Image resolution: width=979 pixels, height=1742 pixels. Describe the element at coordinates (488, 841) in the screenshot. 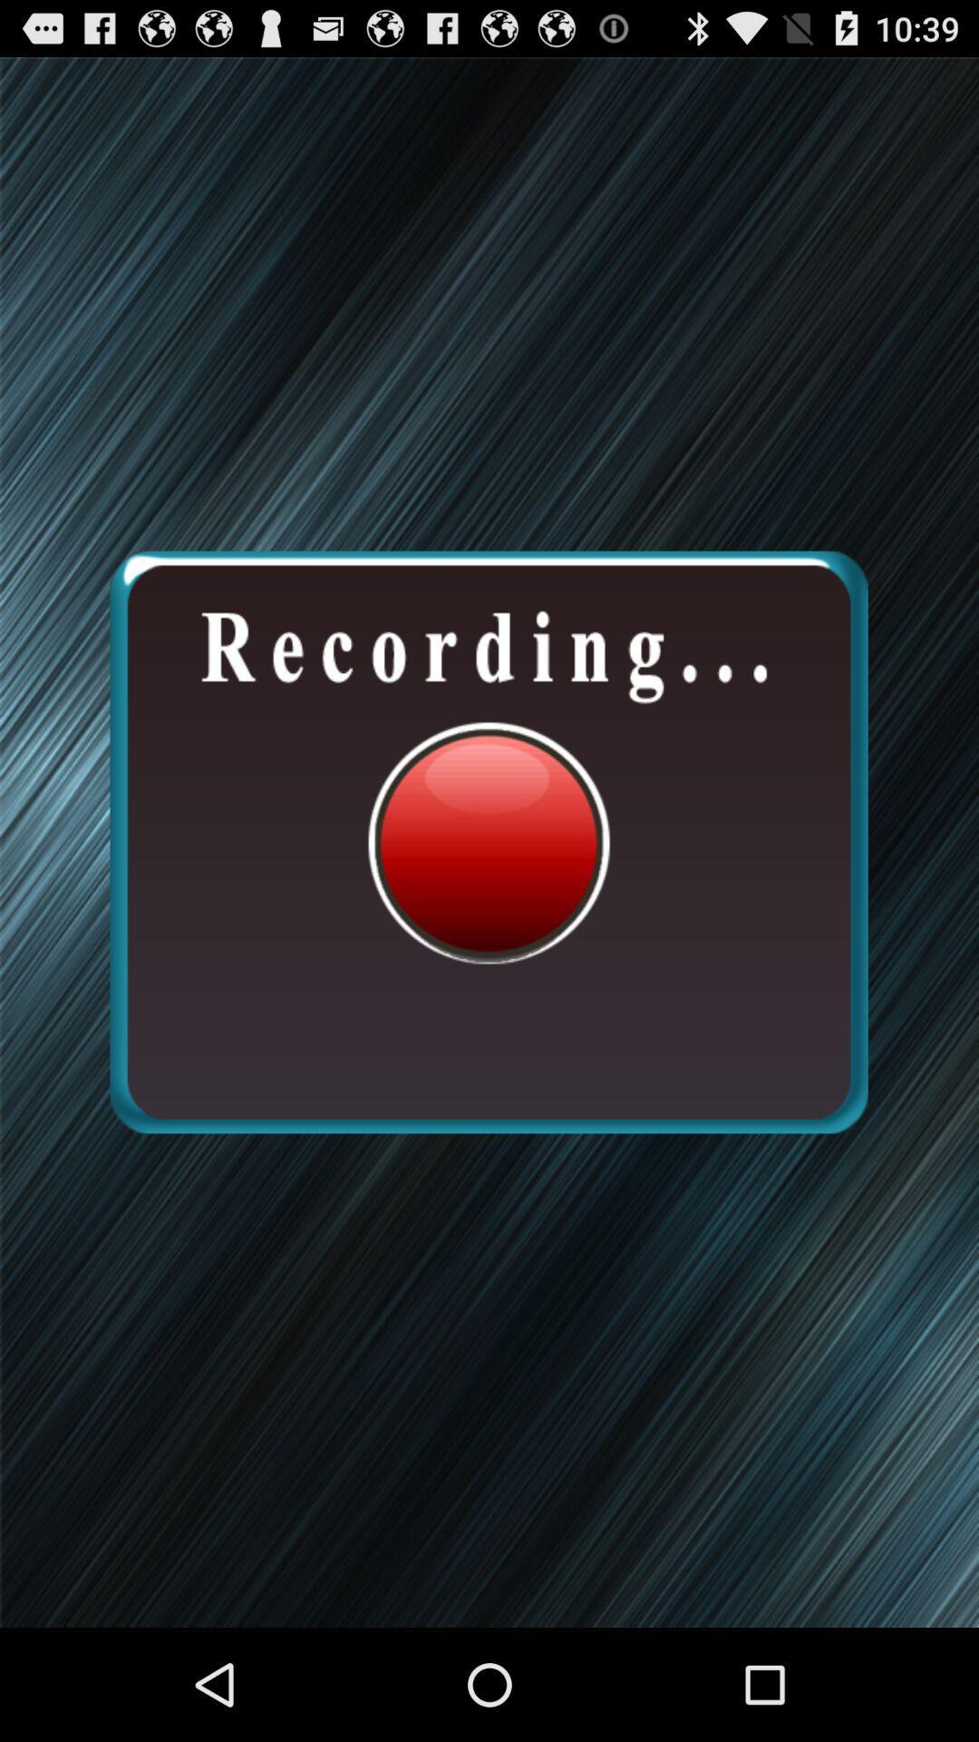

I see `recording` at that location.